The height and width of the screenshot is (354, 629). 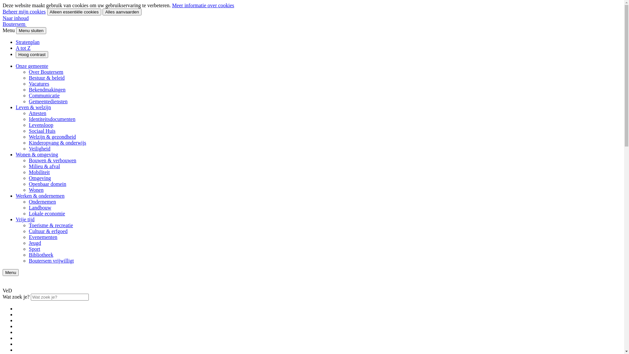 What do you see at coordinates (28, 184) in the screenshot?
I see `'Openbaar domein'` at bounding box center [28, 184].